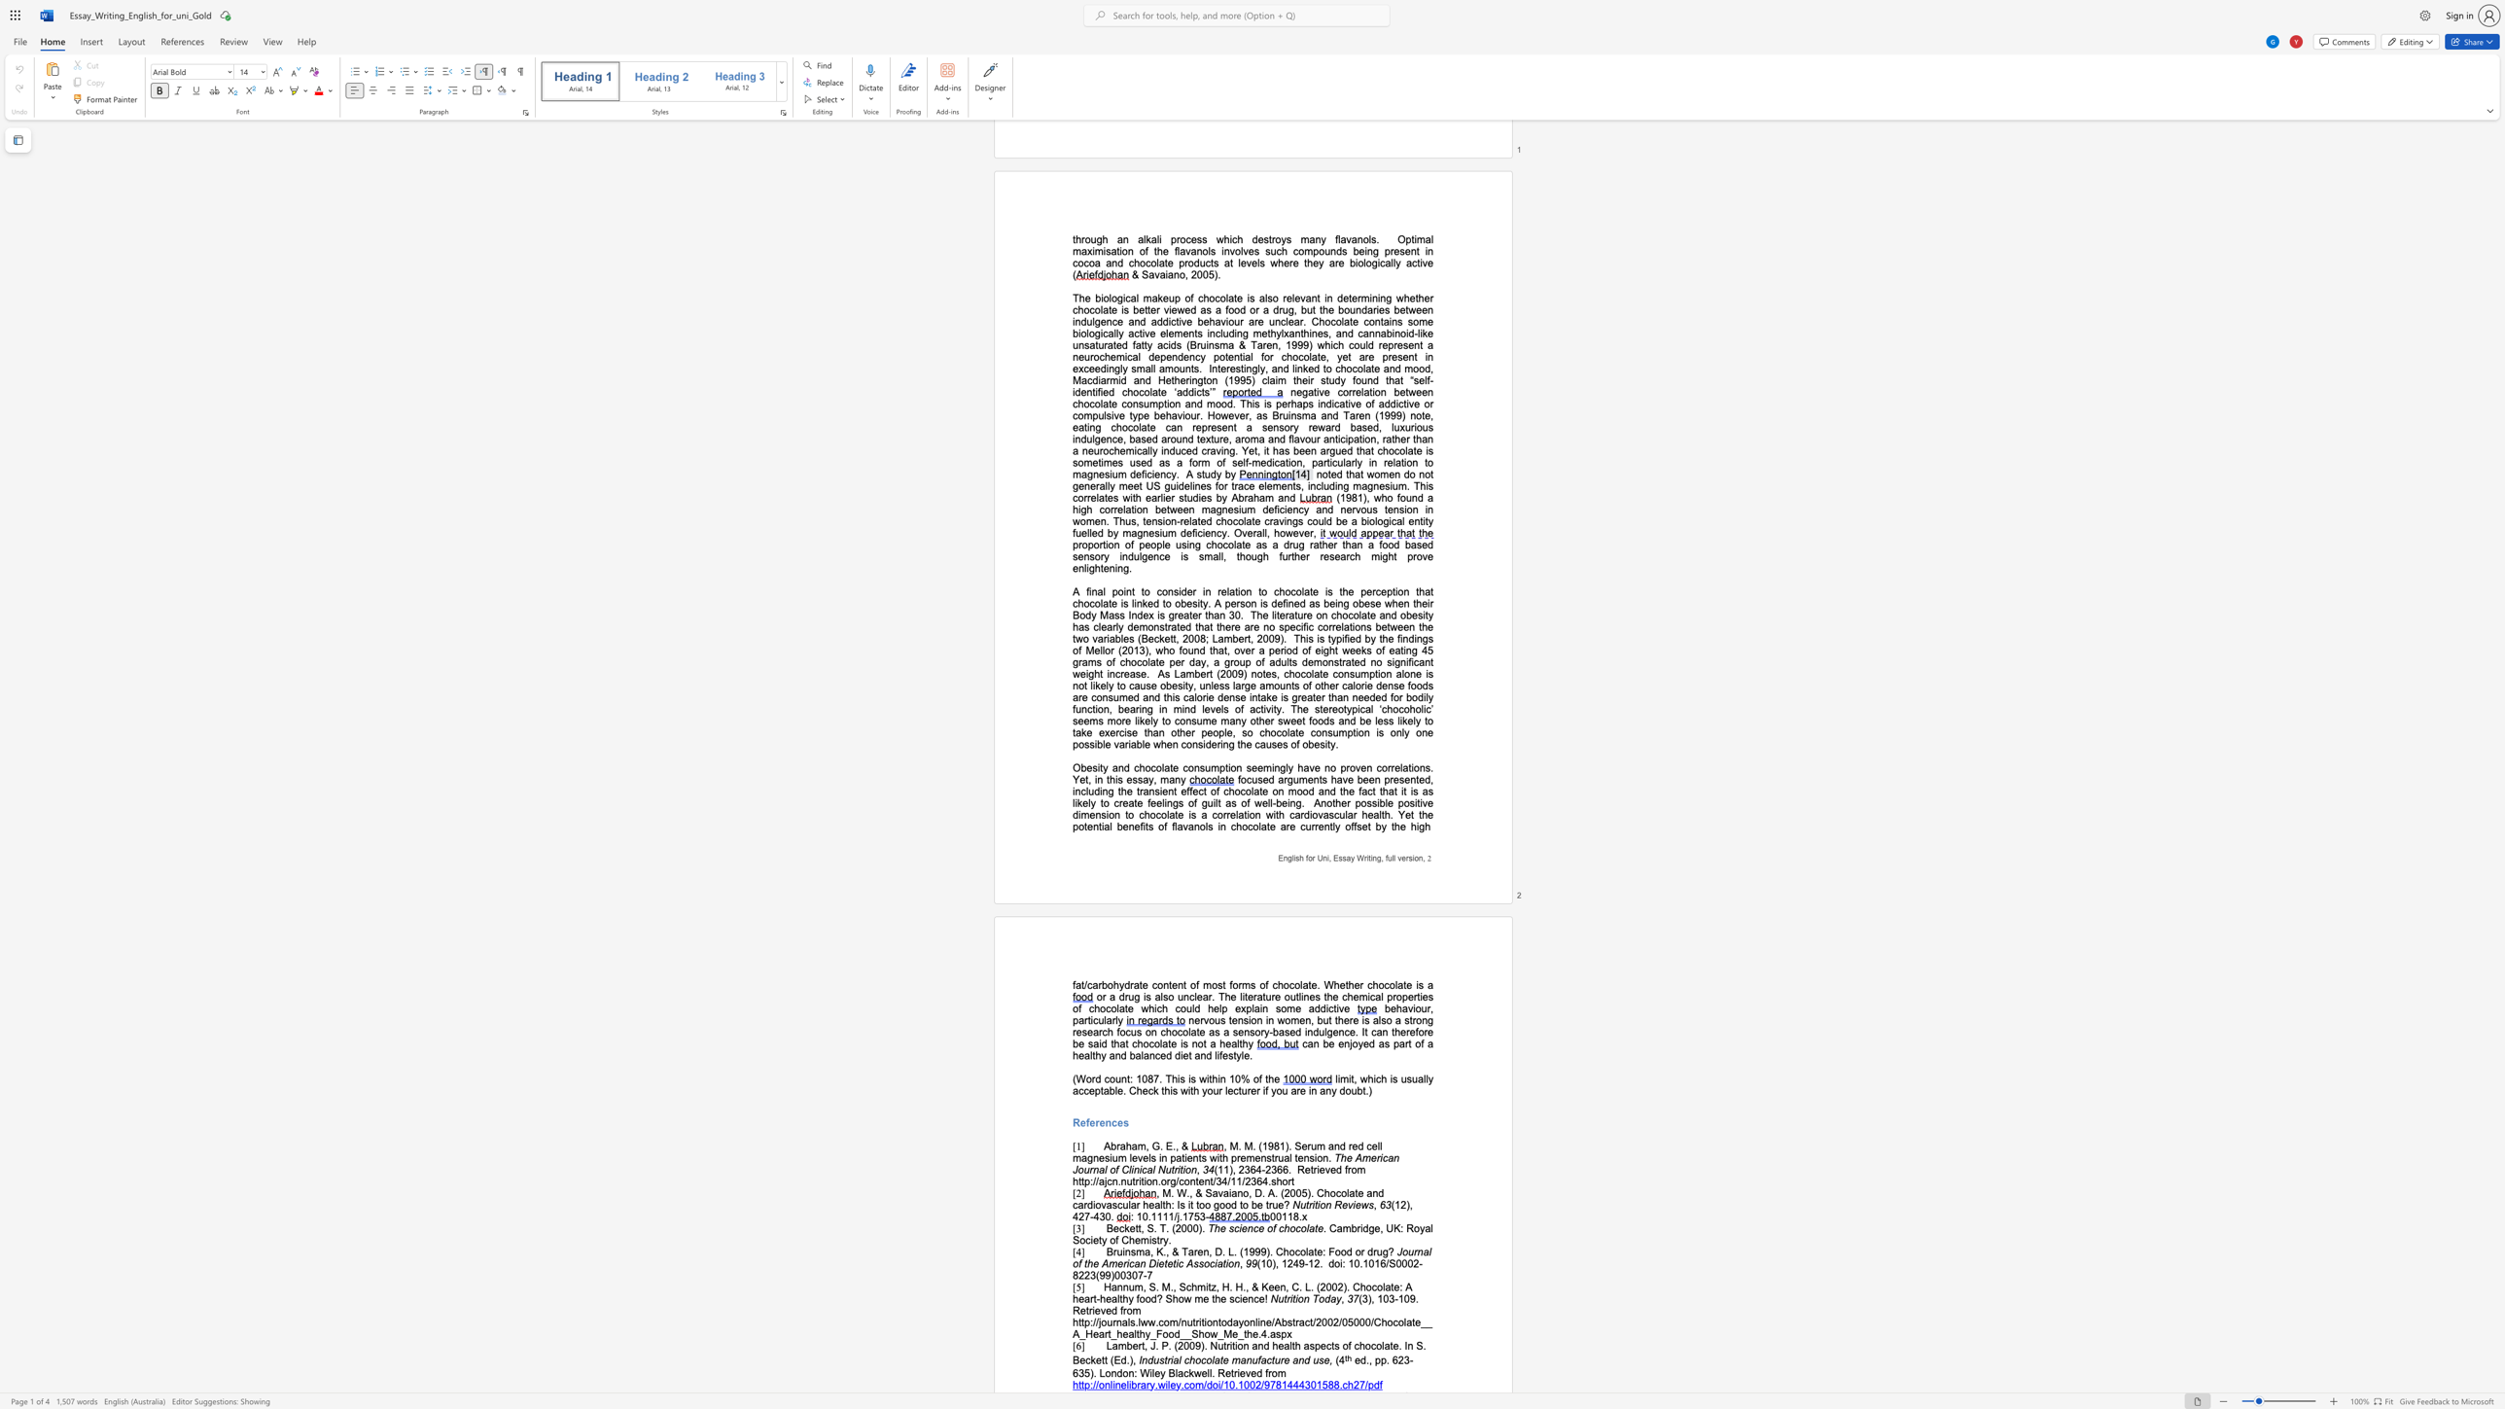 This screenshot has height=1409, width=2505. Describe the element at coordinates (1368, 1360) in the screenshot. I see `the subset text ", pp. 623-635). London: Wiley Blackwell. Retrieved fr" within the text "ed., pp. 623-635). London: Wiley Blackwell. Retrieved from"` at that location.